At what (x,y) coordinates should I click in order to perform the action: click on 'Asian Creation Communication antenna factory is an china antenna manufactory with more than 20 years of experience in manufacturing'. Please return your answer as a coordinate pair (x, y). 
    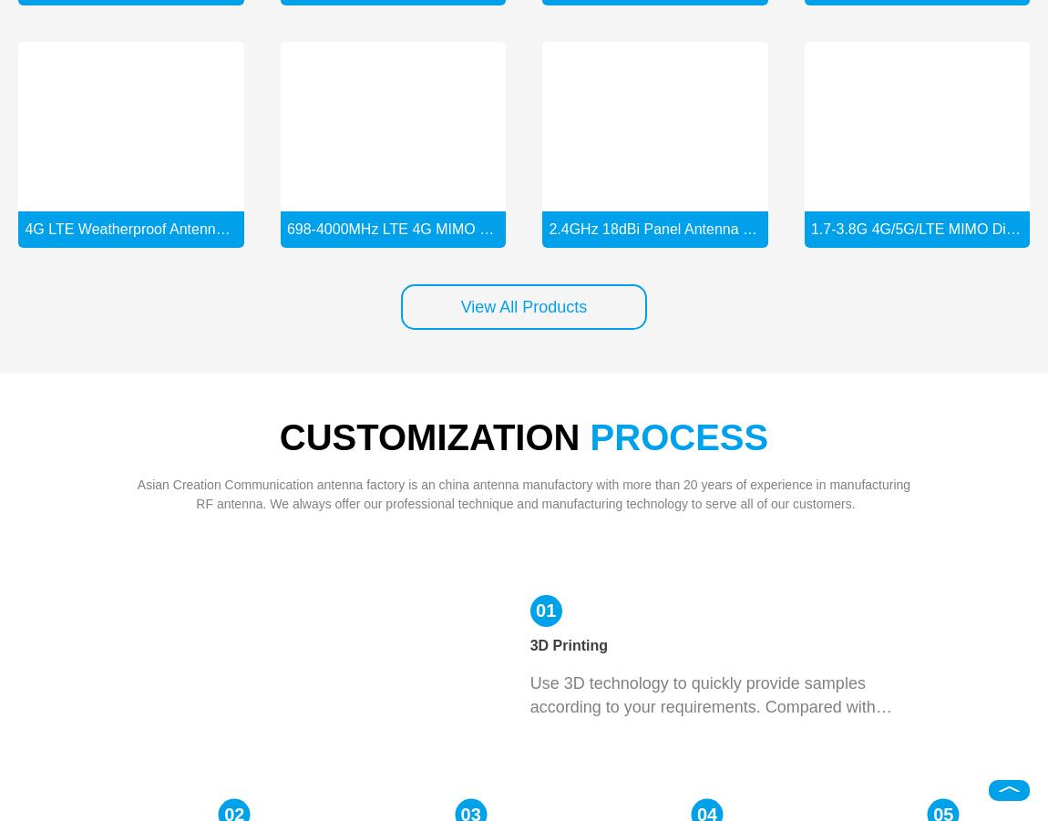
    Looking at the image, I should click on (523, 483).